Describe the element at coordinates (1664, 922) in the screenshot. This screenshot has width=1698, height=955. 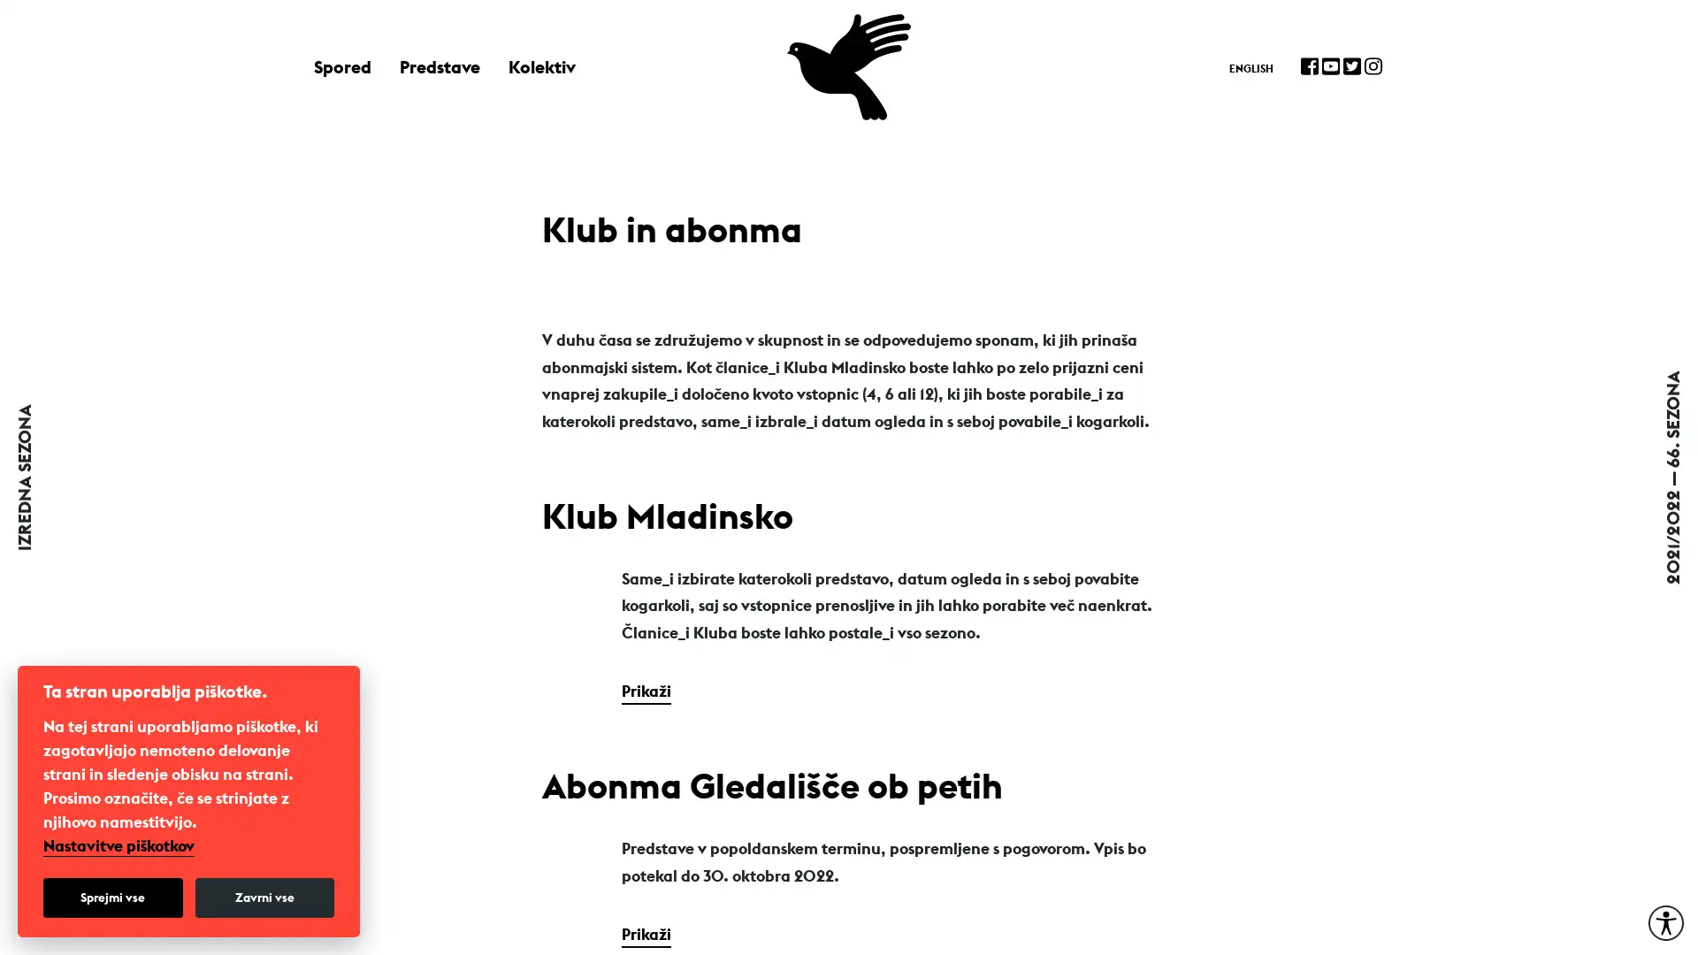
I see `Moznosti za dostopnost` at that location.